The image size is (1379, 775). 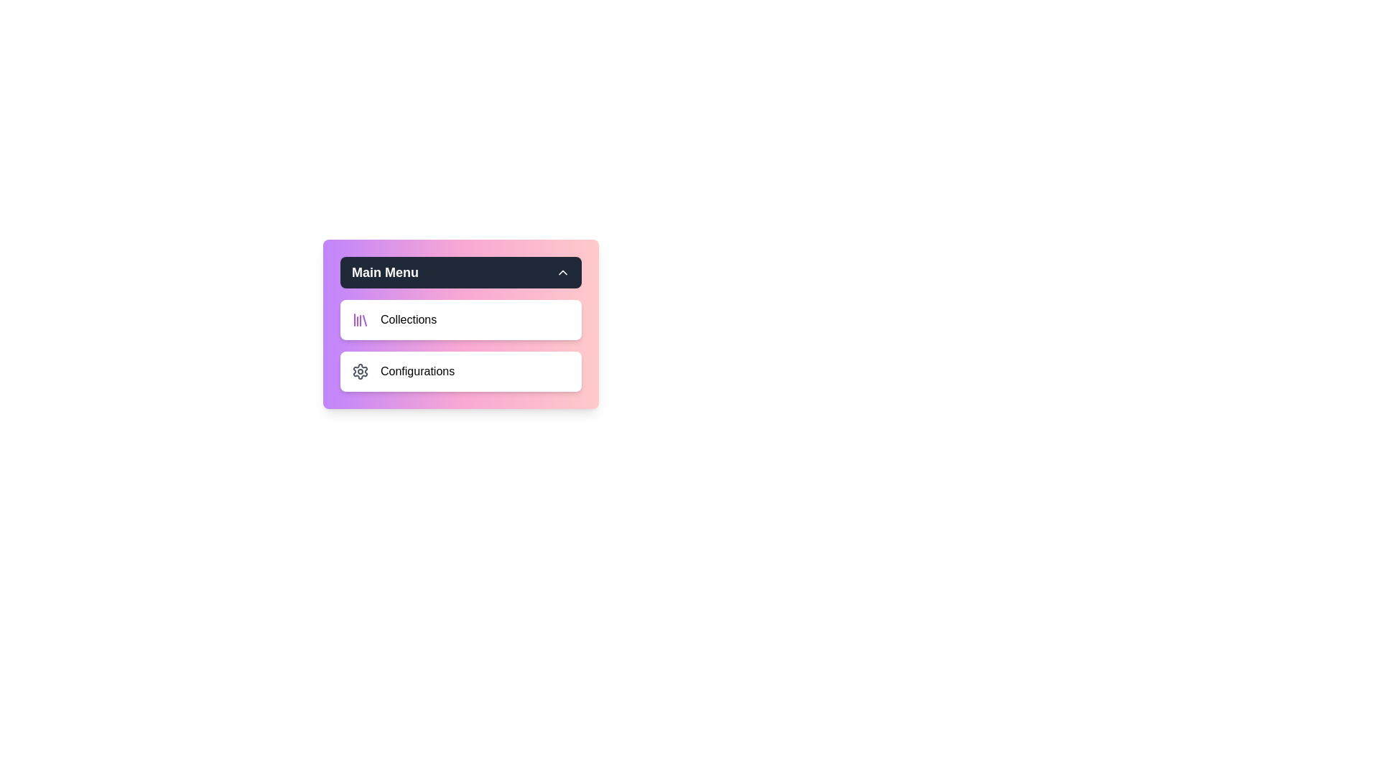 What do you see at coordinates (361, 319) in the screenshot?
I see `the 'Collections' icon located on the left-hand side of the first menu option for quick access to the Collections section` at bounding box center [361, 319].